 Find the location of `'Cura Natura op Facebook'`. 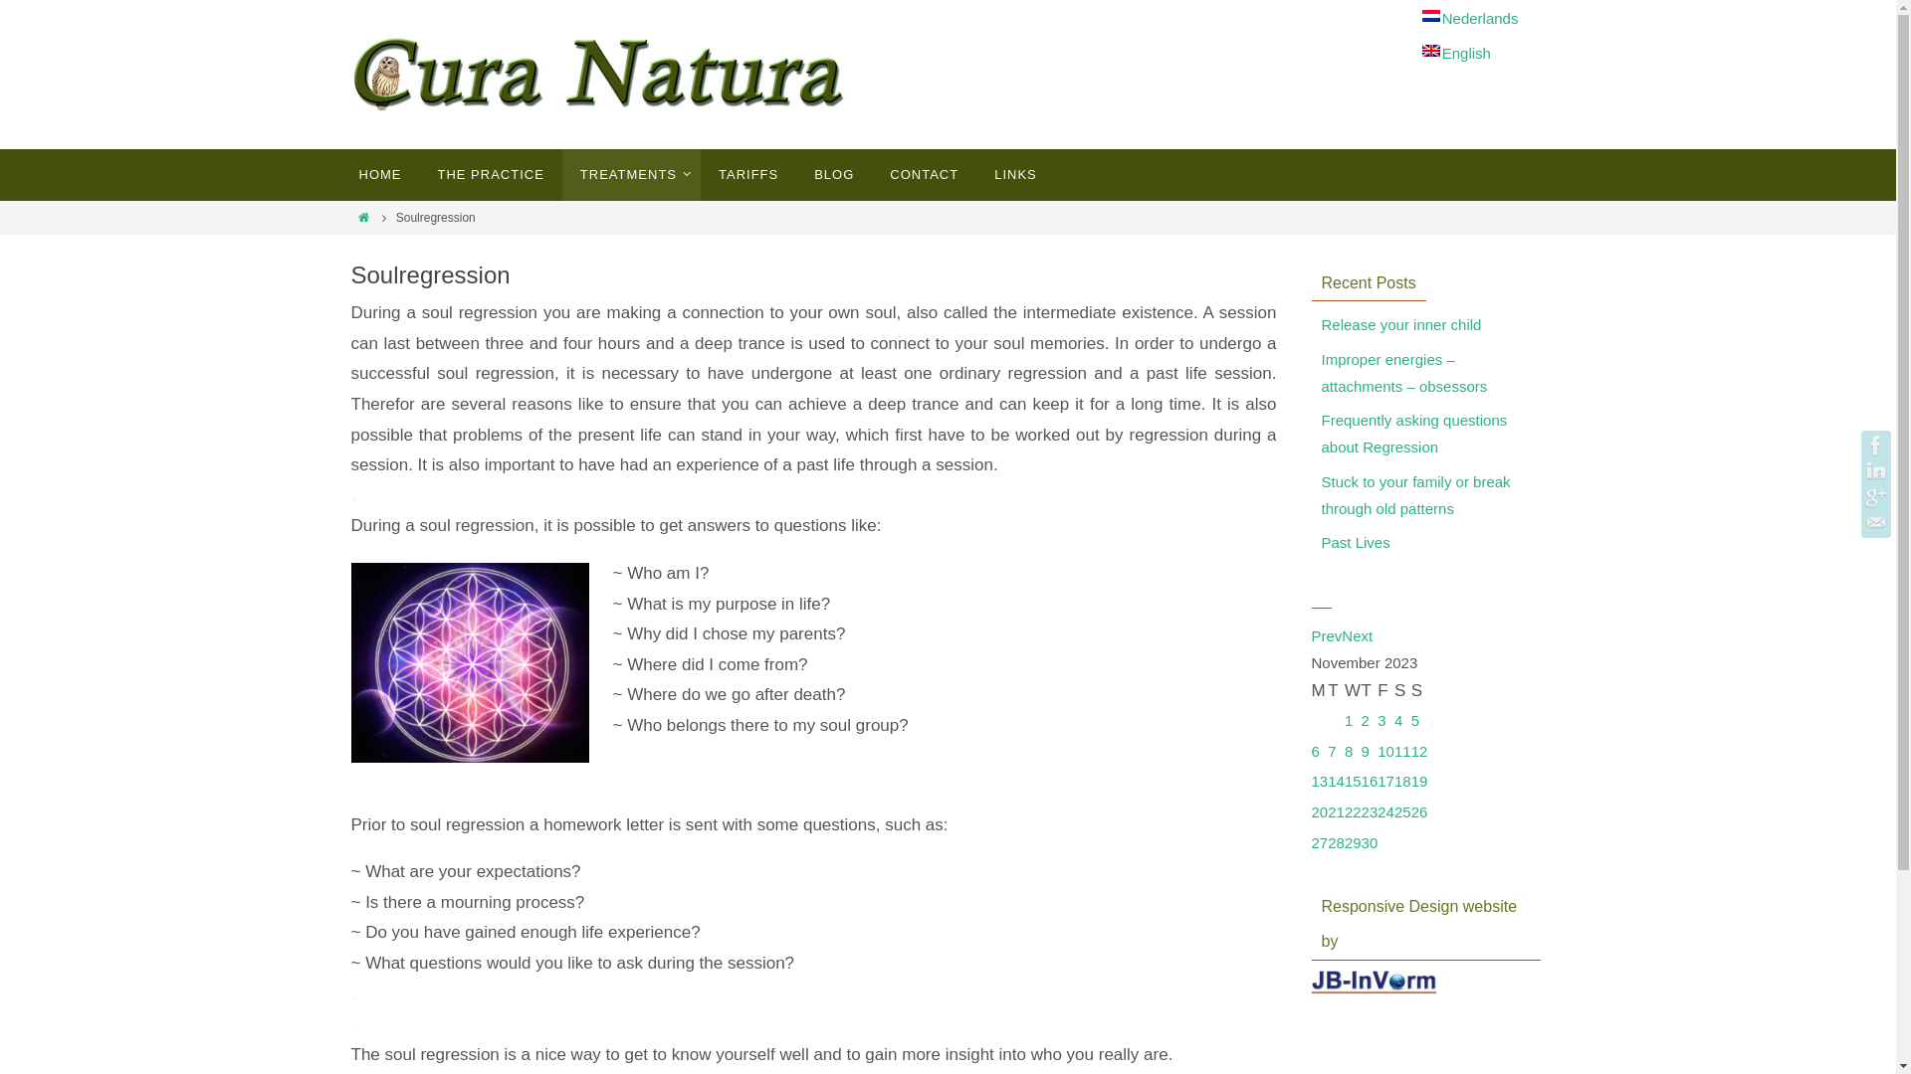

'Cura Natura op Facebook' is located at coordinates (1875, 444).